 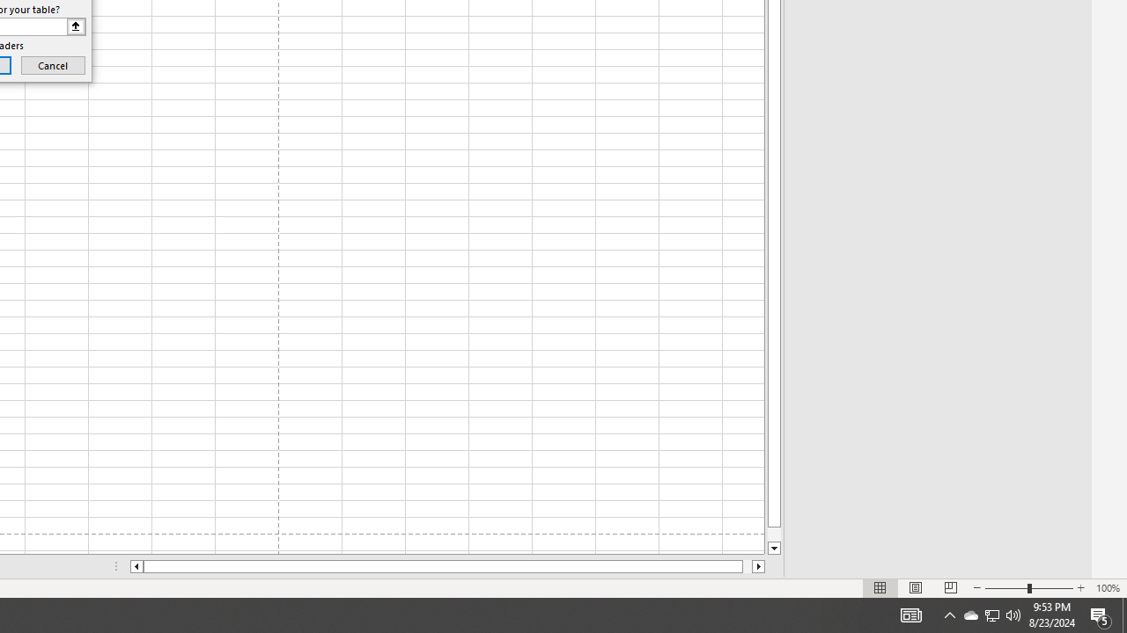 I want to click on 'Page down', so click(x=774, y=534).